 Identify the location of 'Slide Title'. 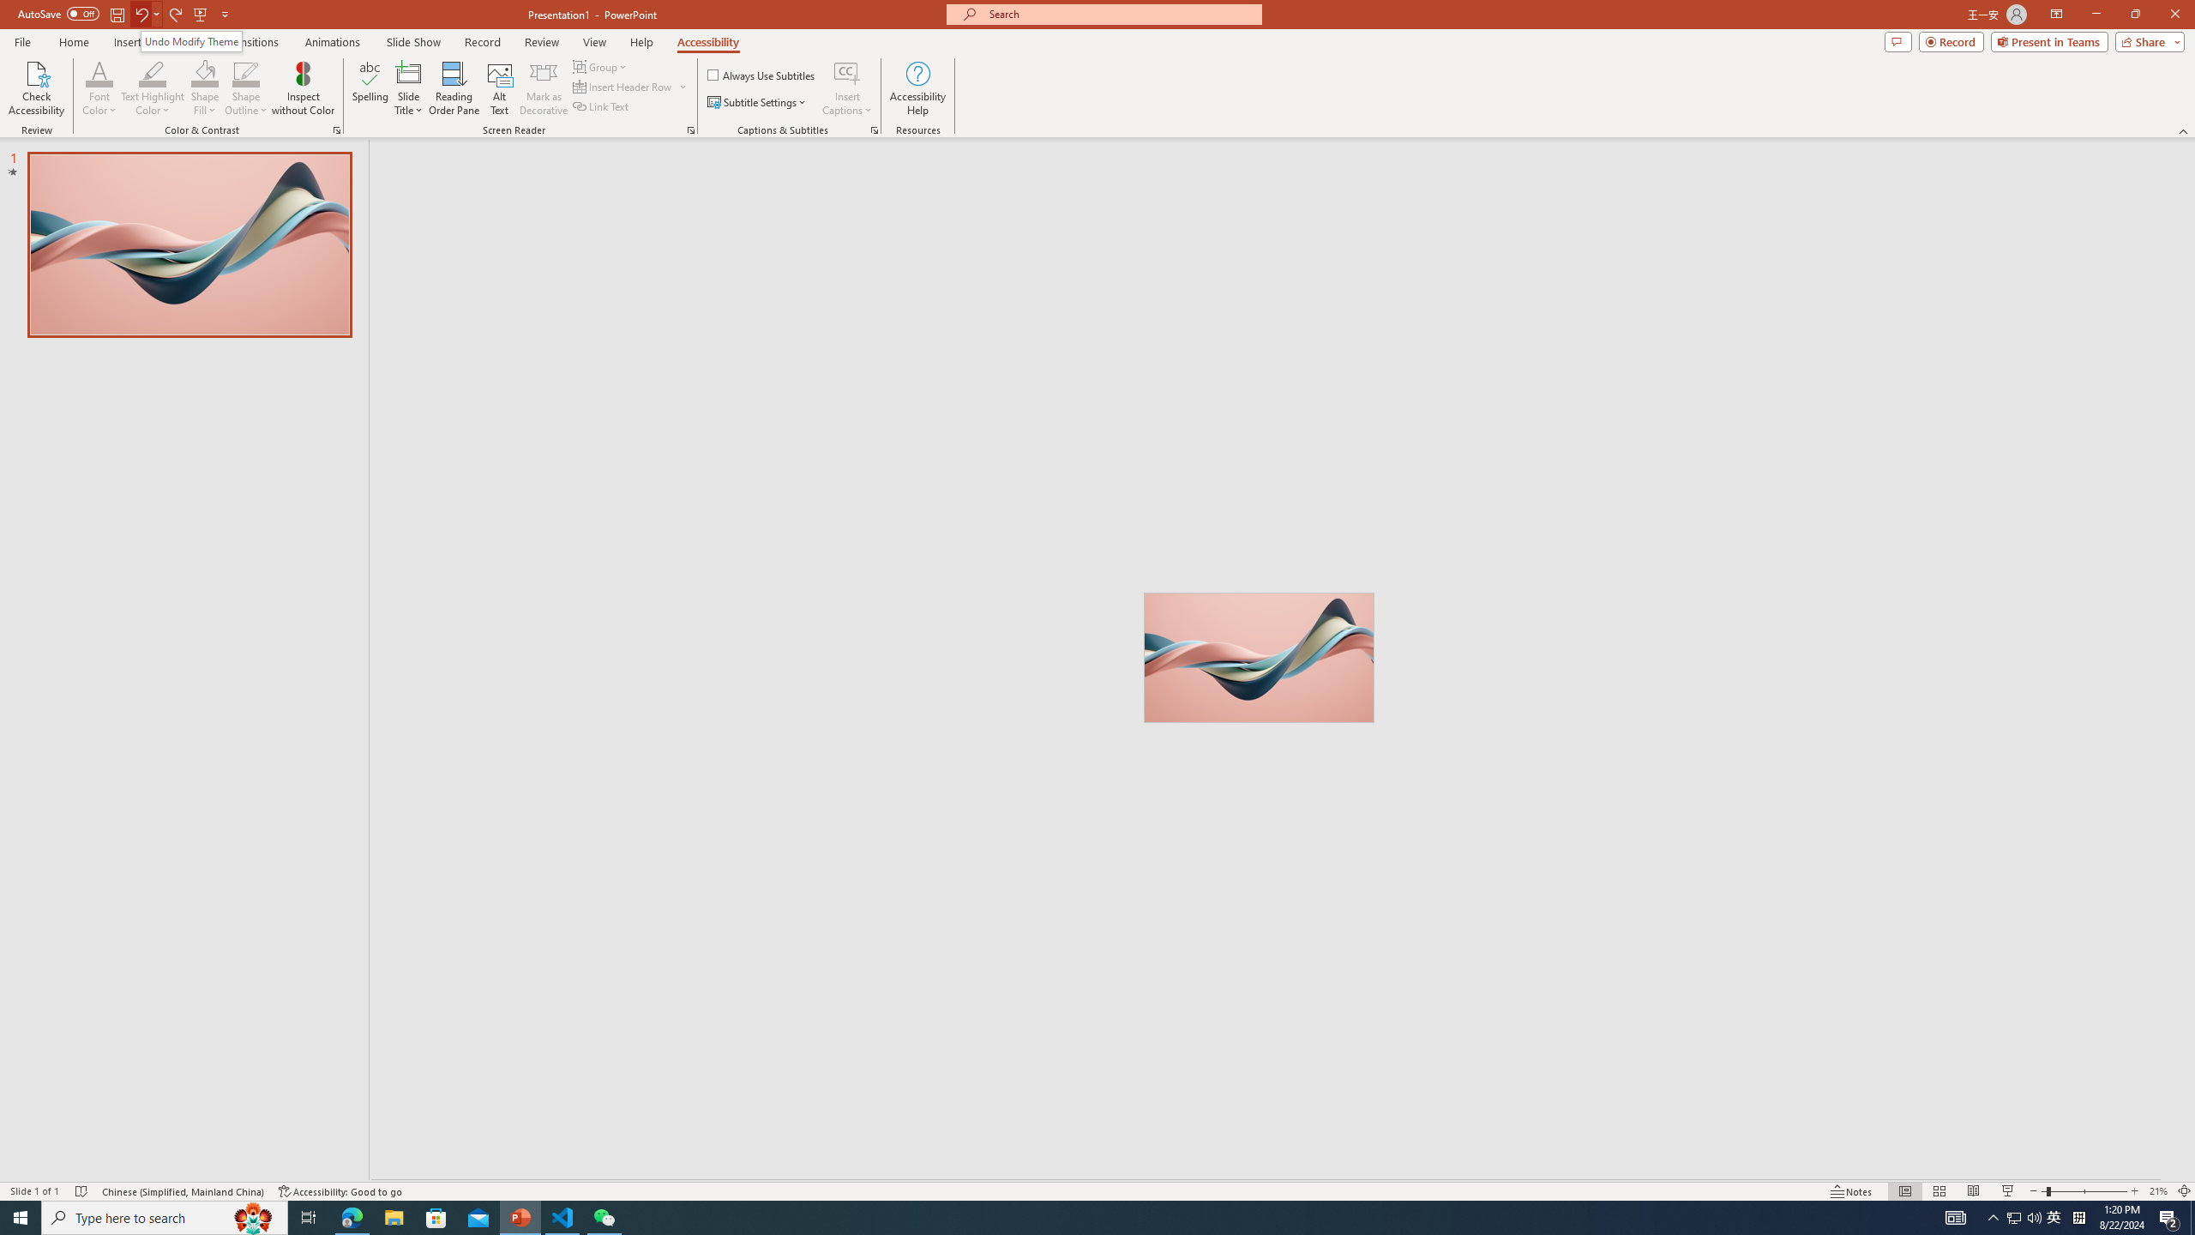
(408, 88).